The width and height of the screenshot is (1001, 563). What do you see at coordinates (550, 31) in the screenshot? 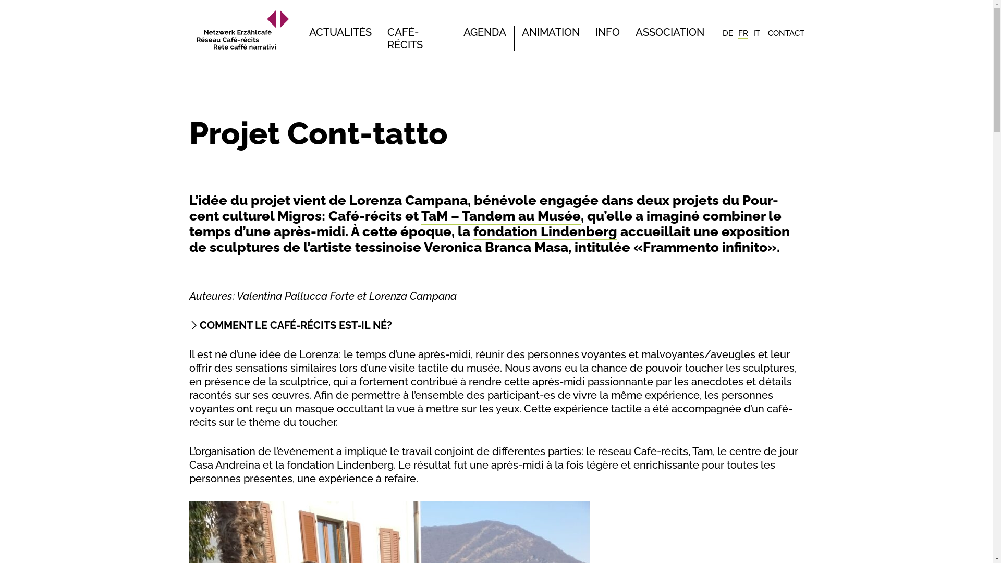
I see `'ANIMATION'` at bounding box center [550, 31].